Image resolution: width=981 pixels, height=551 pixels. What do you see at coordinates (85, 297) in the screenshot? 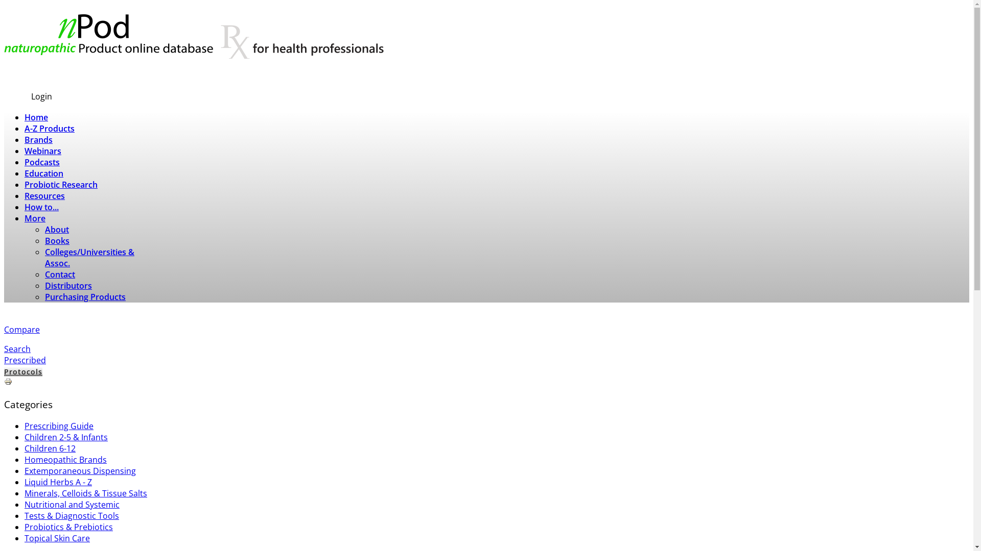
I see `'Purchasing Products'` at bounding box center [85, 297].